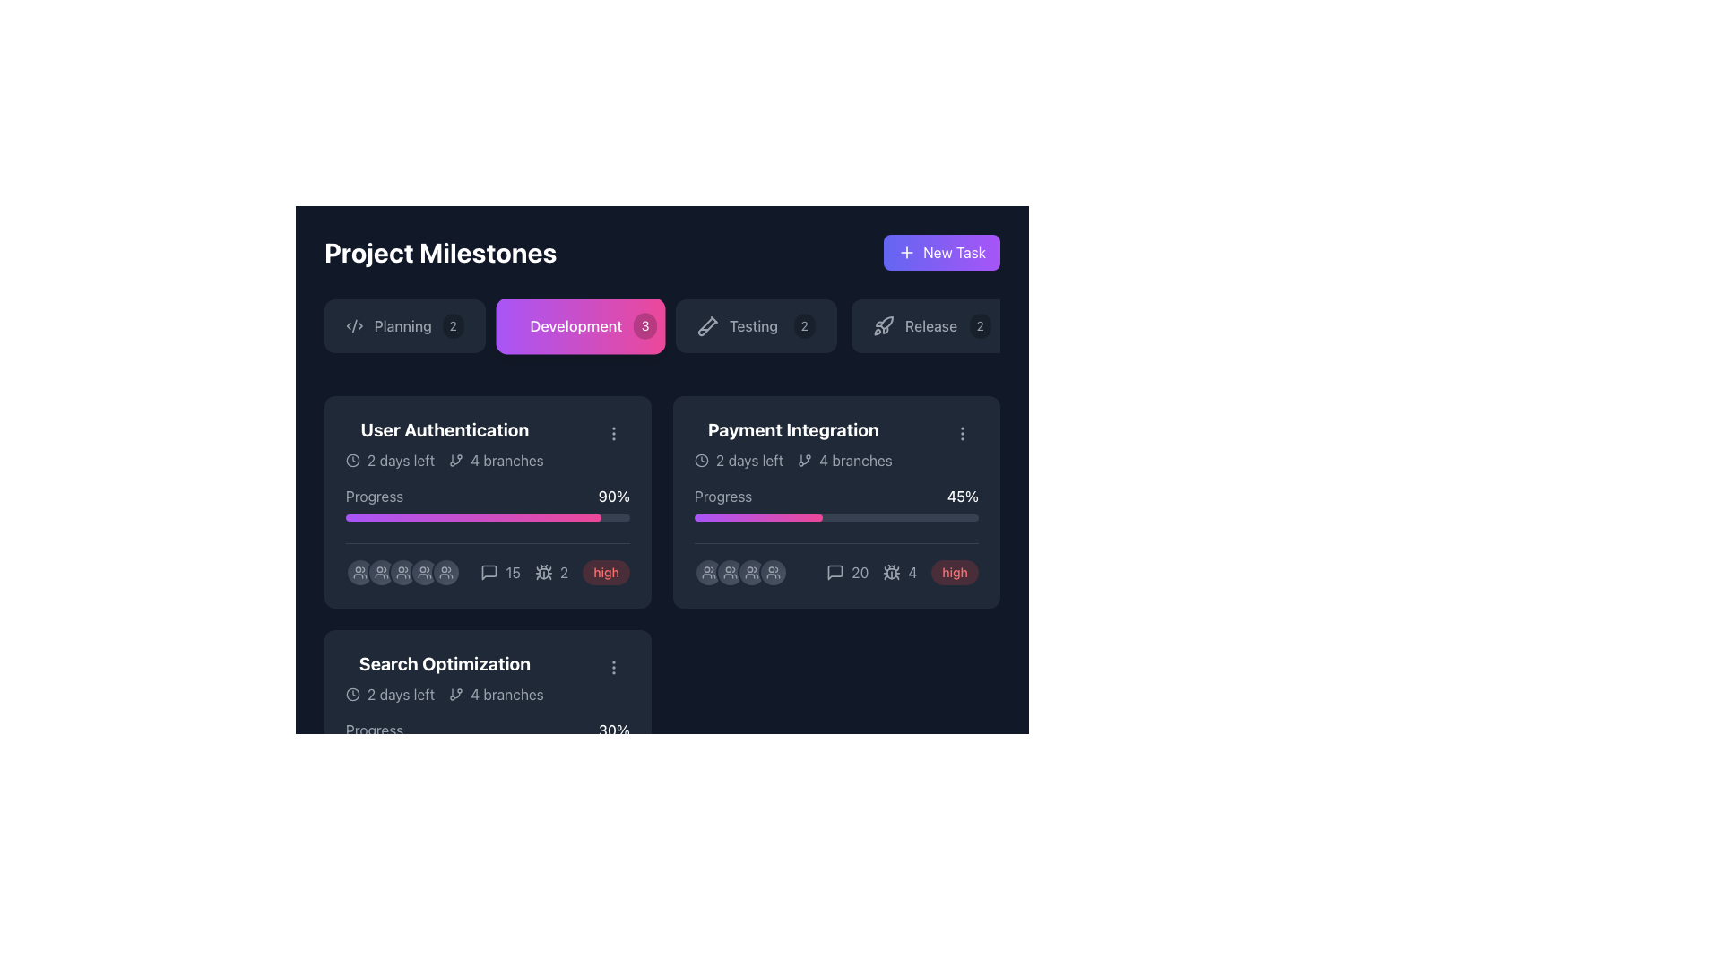 Image resolution: width=1721 pixels, height=968 pixels. What do you see at coordinates (662, 333) in the screenshot?
I see `the second pill-shaped button under the 'Project Milestones' heading, which is positioned between the 'Planning' and 'Testing' buttons` at bounding box center [662, 333].